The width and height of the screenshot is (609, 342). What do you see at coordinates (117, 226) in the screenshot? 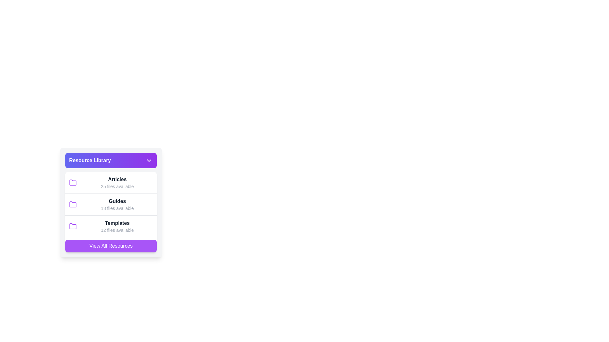
I see `text displayed in the label element that says 'Templates' in bold dark gray above '12 files available' in smaller light gray text, which is the third entry in the vertical list within the card labeled 'Resource Library'` at bounding box center [117, 226].